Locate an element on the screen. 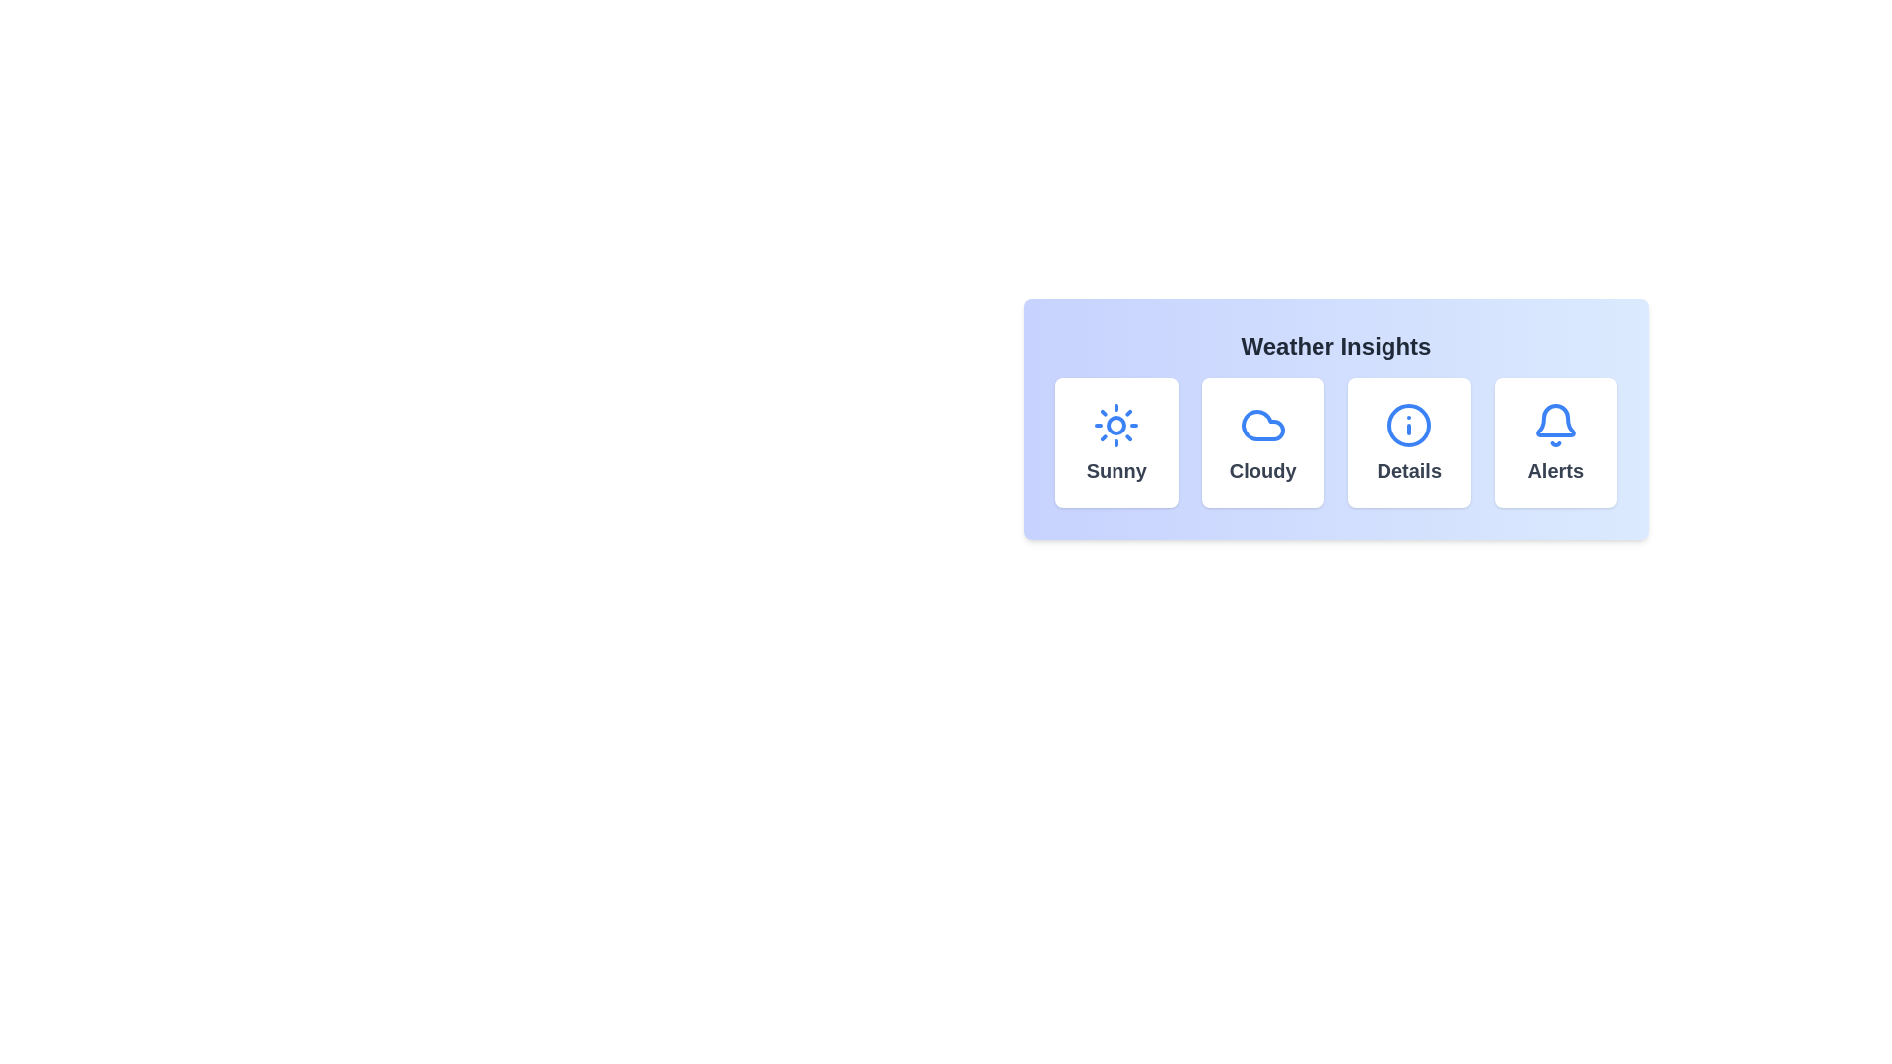 The image size is (1892, 1064). the cloud-shaped icon with a blue outline located at the top of the second card in the 'Weather Insights' section, above the label 'Cloudy' is located at coordinates (1262, 425).